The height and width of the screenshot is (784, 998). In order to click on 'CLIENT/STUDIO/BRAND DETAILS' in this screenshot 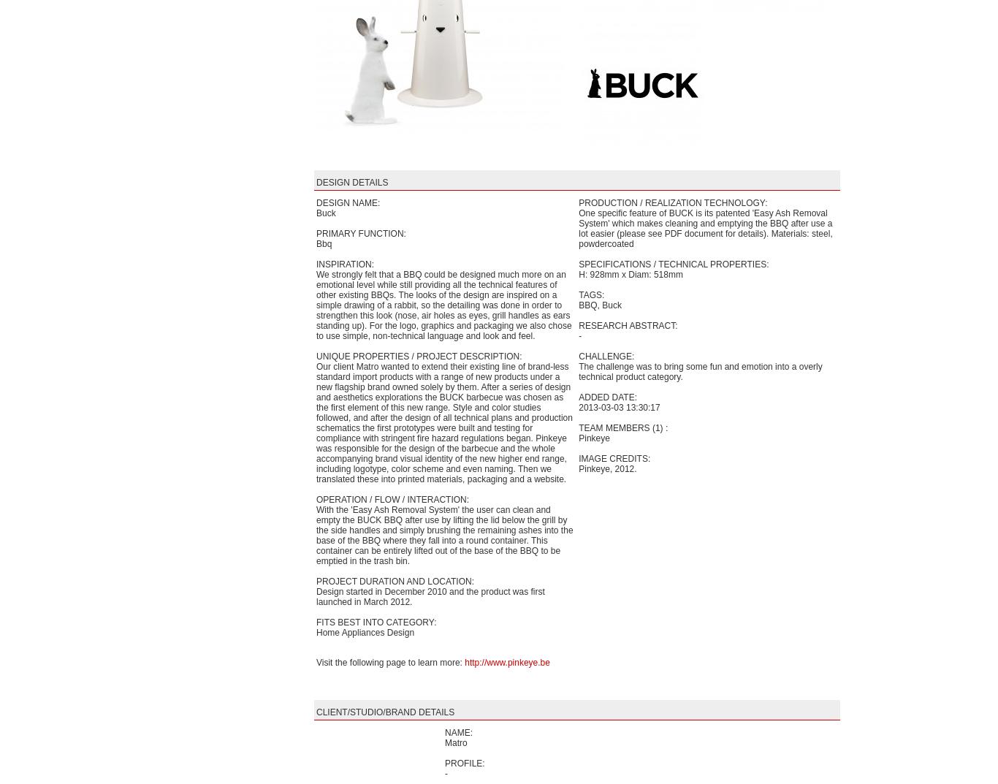, I will do `click(316, 712)`.